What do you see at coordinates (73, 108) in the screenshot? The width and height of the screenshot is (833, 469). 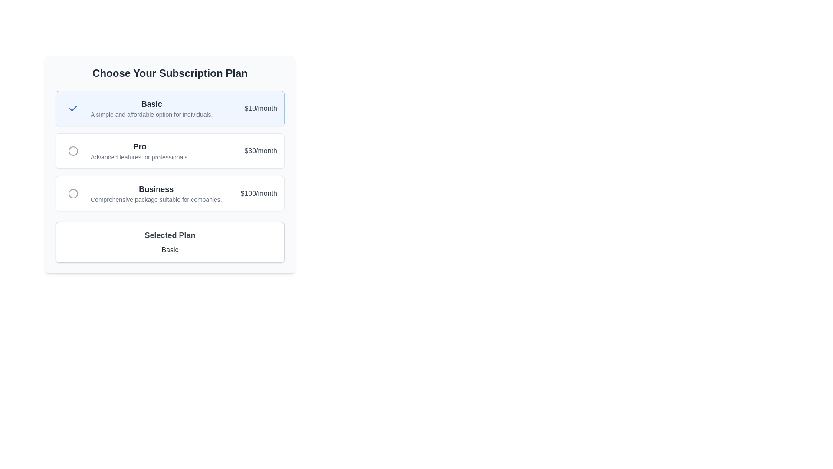 I see `the small, square, blue checkmark icon located at the top-left corner of the rounded blue-bordered rectangular box for the 'Basic' subscription plan` at bounding box center [73, 108].